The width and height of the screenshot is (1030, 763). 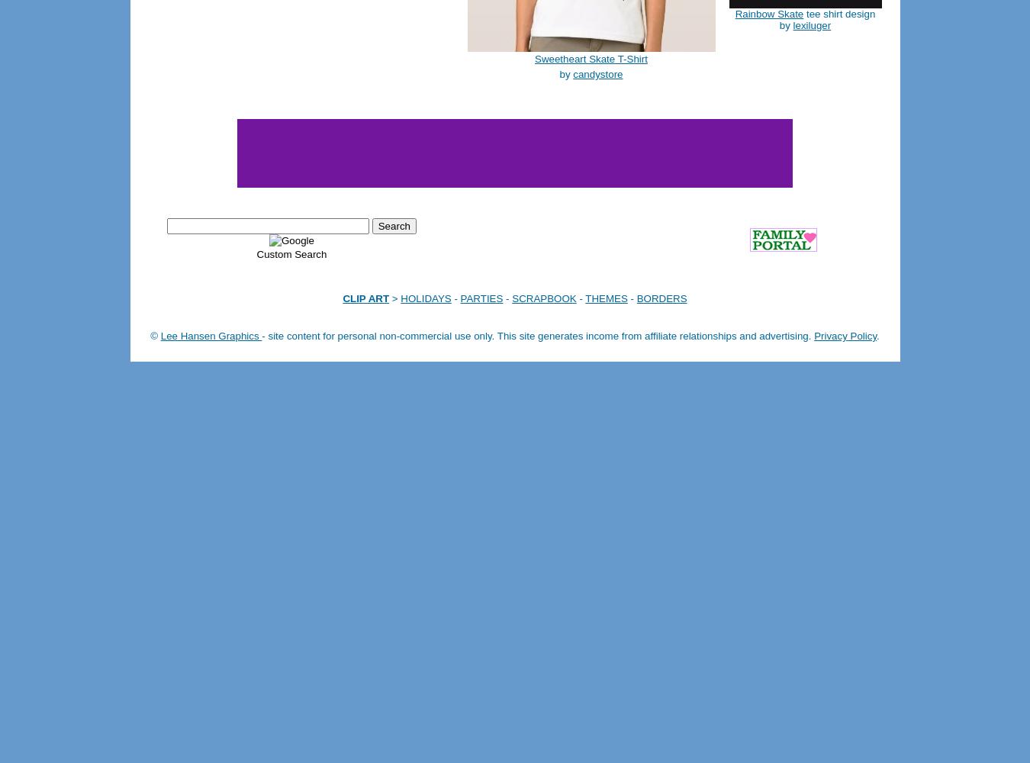 I want to click on 'THEMES', so click(x=606, y=298).